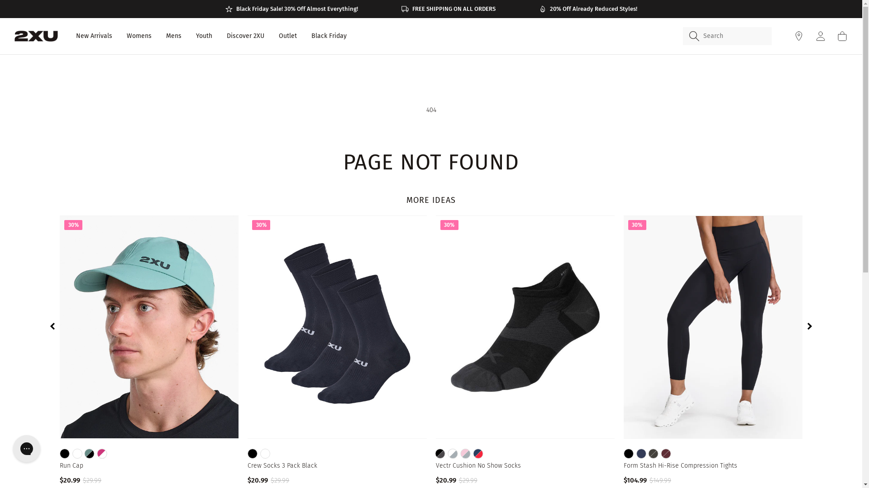 The image size is (869, 488). What do you see at coordinates (245, 36) in the screenshot?
I see `'Discover 2XU'` at bounding box center [245, 36].